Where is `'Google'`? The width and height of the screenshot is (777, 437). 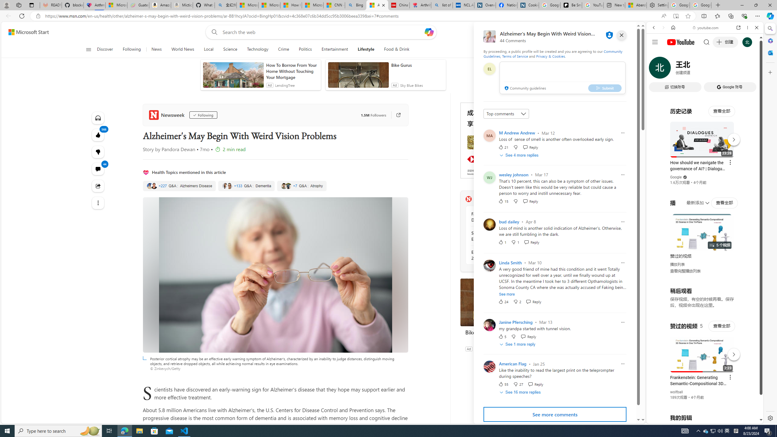
'Google' is located at coordinates (676, 177).